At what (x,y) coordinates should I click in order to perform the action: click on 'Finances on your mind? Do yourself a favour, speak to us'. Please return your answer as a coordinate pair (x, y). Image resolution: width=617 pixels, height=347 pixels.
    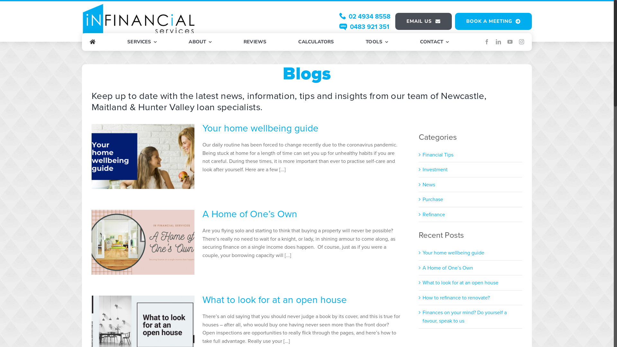
    Looking at the image, I should click on (464, 316).